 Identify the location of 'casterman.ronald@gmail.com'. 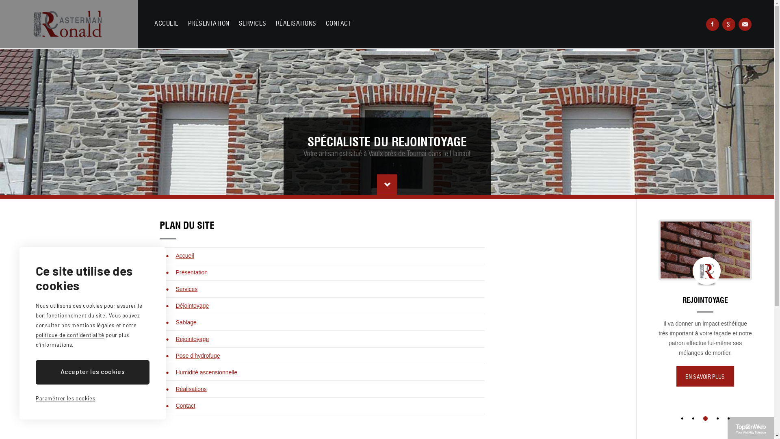
(745, 24).